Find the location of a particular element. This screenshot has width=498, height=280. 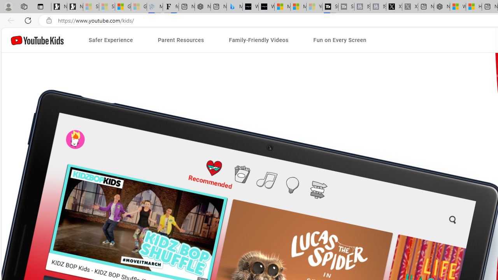

'X - Sleeping' is located at coordinates (410, 7).